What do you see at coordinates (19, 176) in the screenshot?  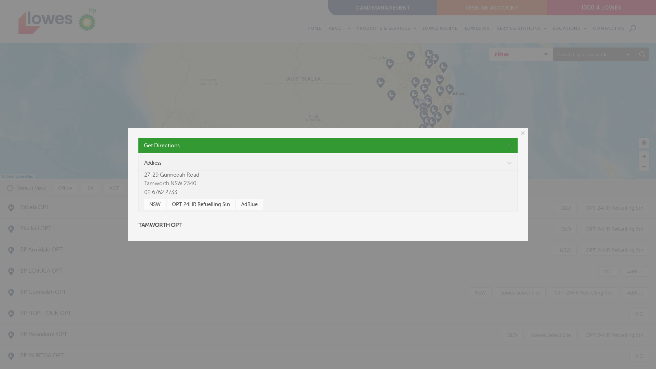 I see `'OpenStreetMap'` at bounding box center [19, 176].